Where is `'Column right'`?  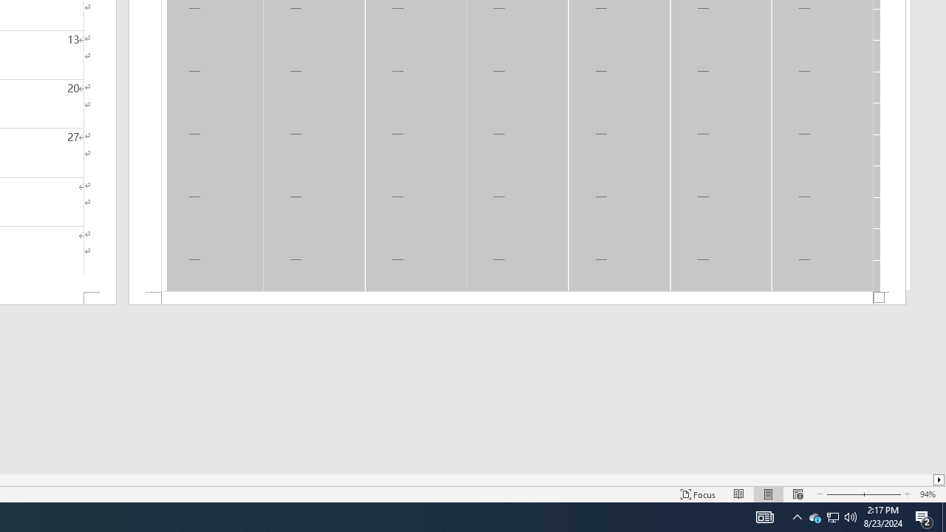 'Column right' is located at coordinates (939, 480).